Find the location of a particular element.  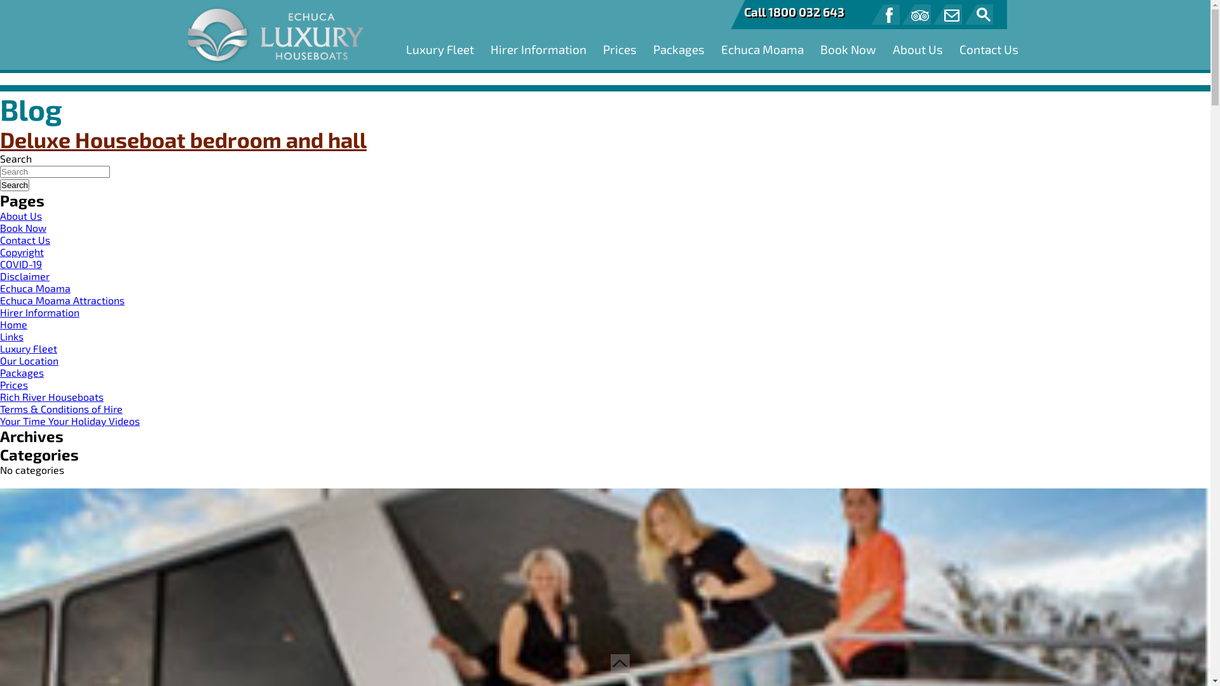

'COVID-19' is located at coordinates (21, 263).